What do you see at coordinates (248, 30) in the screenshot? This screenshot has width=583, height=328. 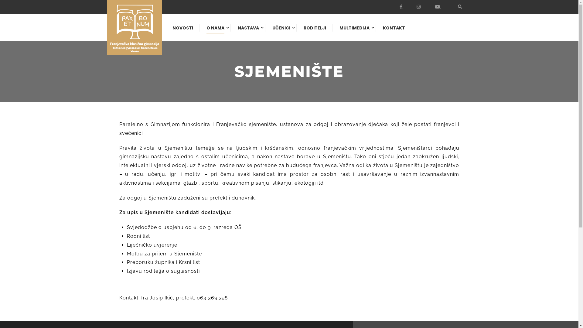 I see `'NASTAVA'` at bounding box center [248, 30].